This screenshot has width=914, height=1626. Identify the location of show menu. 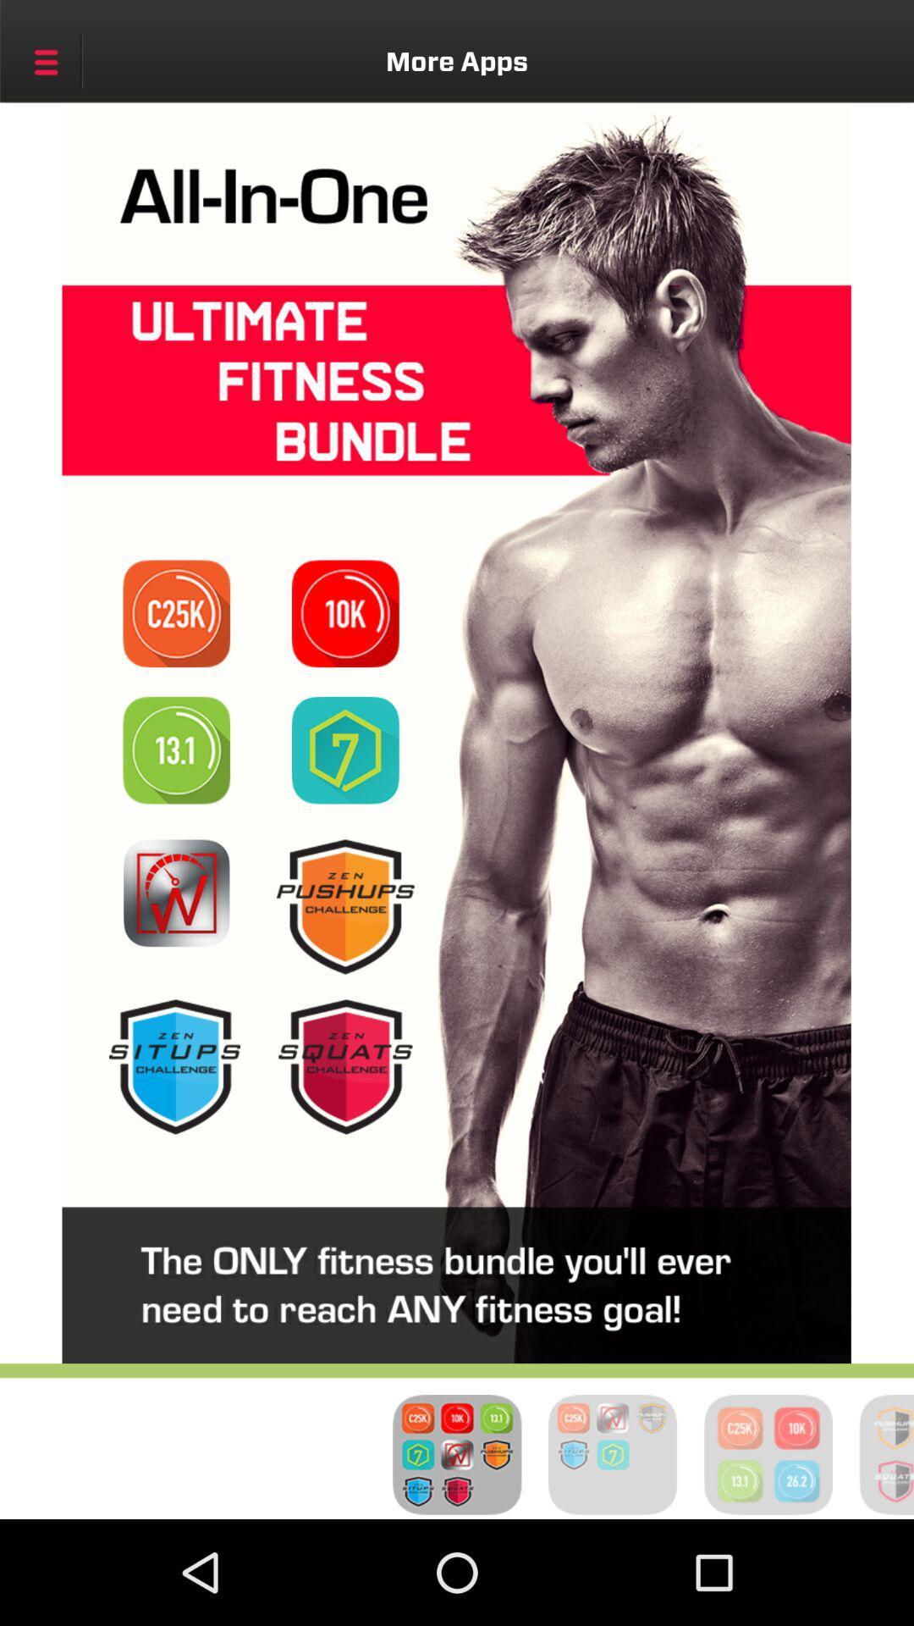
(45, 62).